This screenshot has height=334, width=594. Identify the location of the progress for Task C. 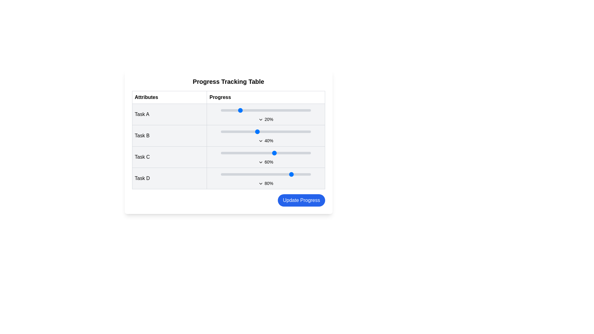
(222, 153).